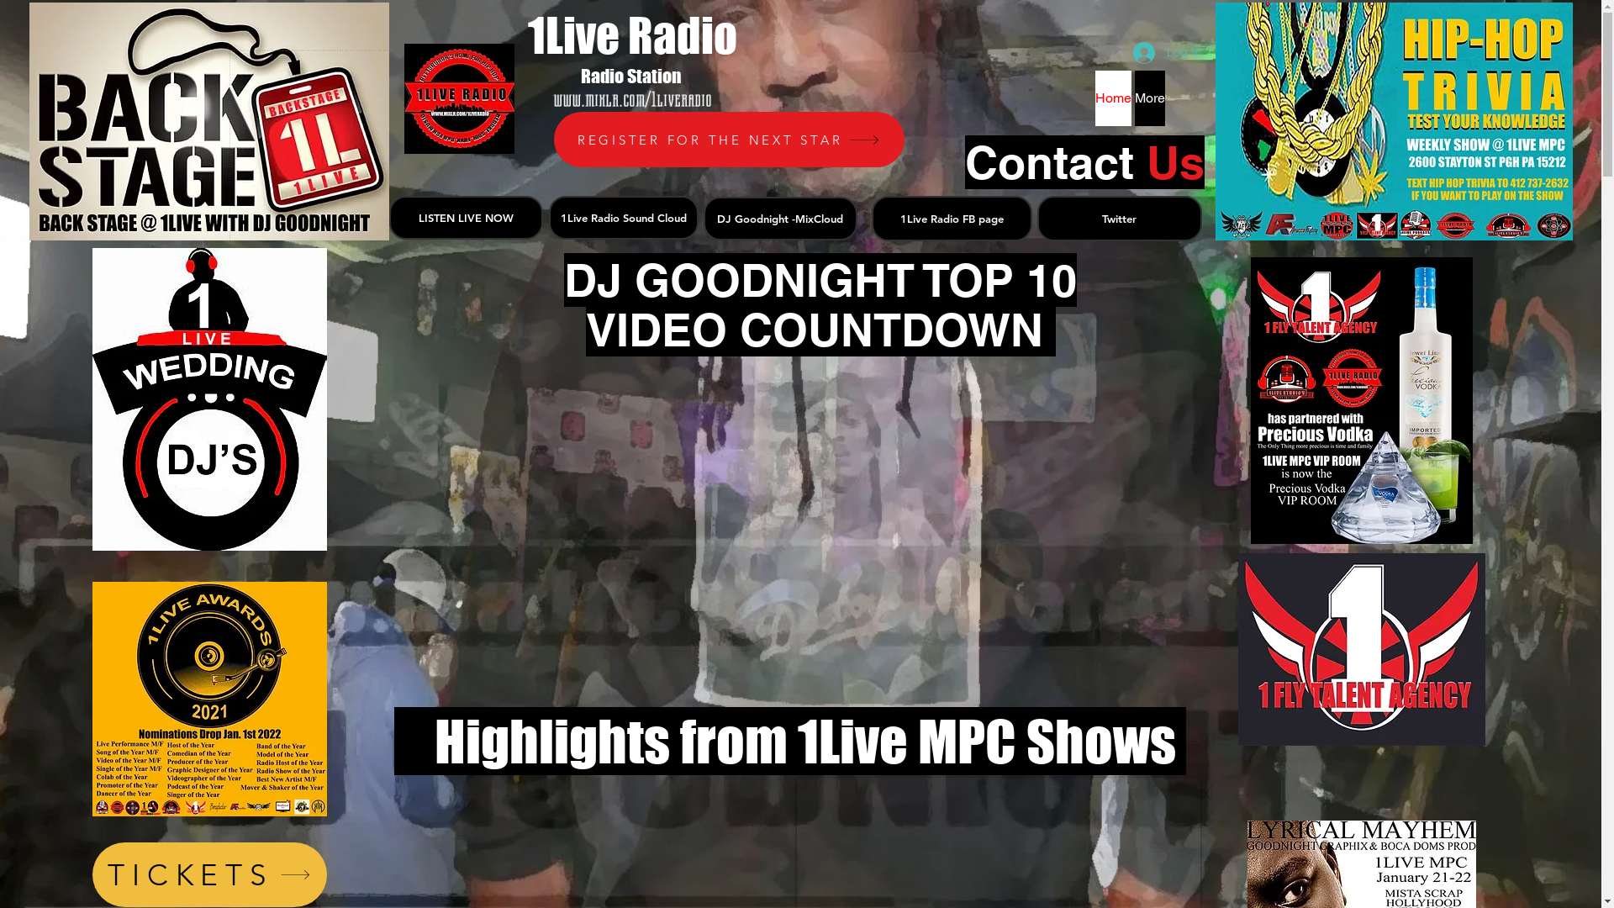  Describe the element at coordinates (728, 138) in the screenshot. I see `'REGISTER FOR THE NEXT STAR'` at that location.